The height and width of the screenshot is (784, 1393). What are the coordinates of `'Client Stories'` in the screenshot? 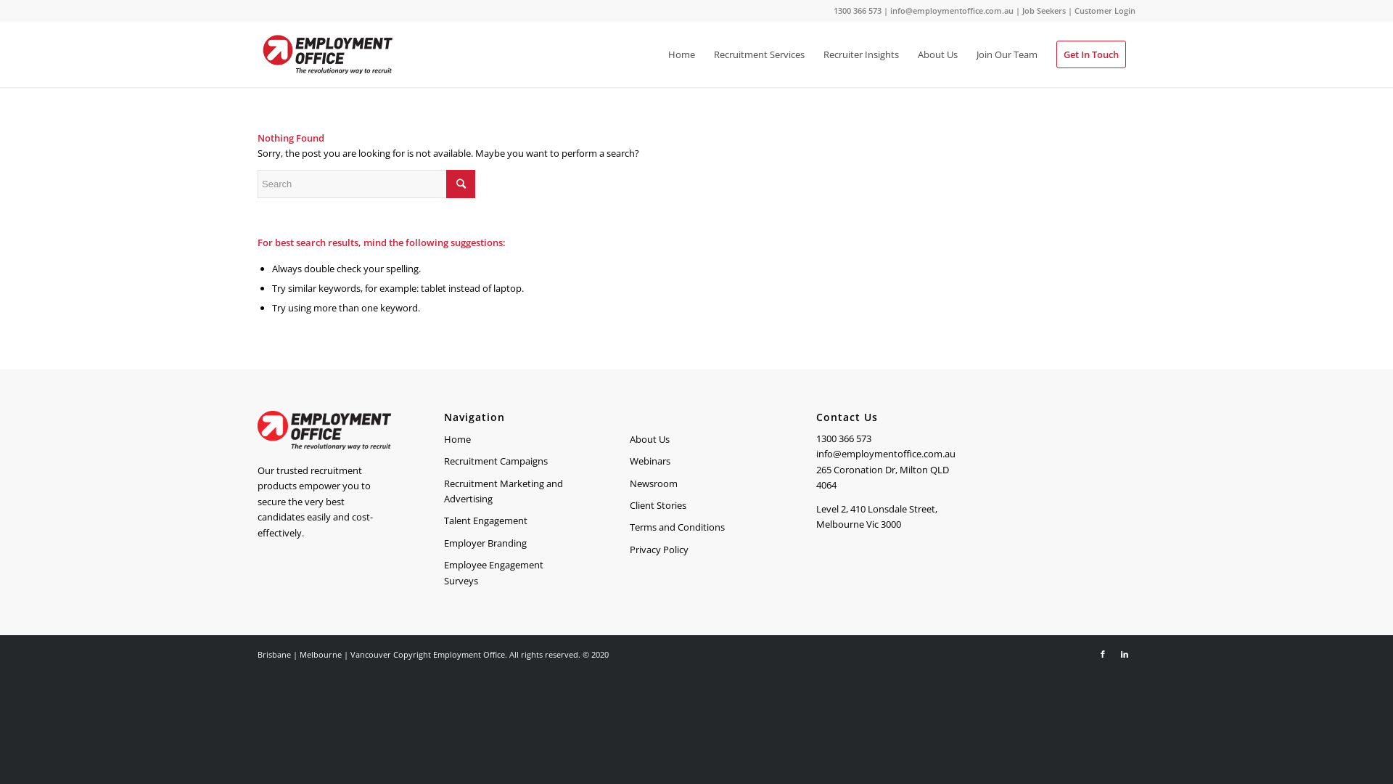 It's located at (696, 505).